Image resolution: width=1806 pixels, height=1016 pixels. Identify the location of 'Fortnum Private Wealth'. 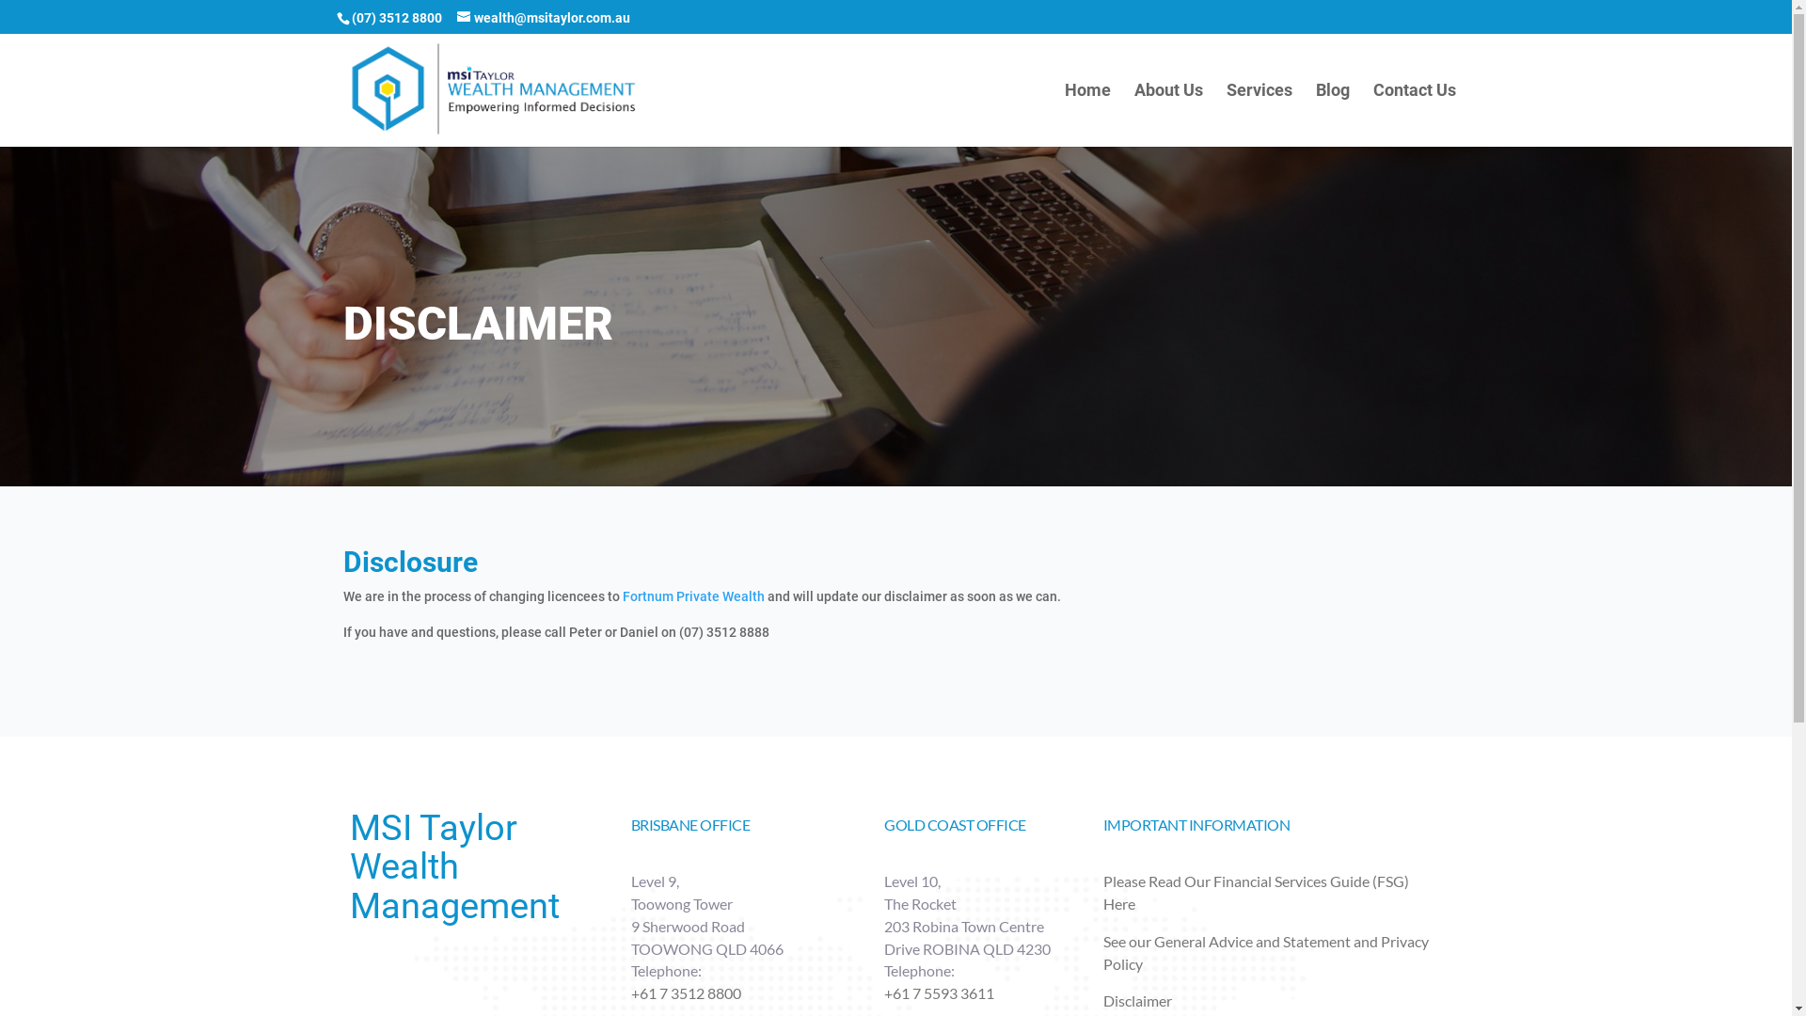
(623, 595).